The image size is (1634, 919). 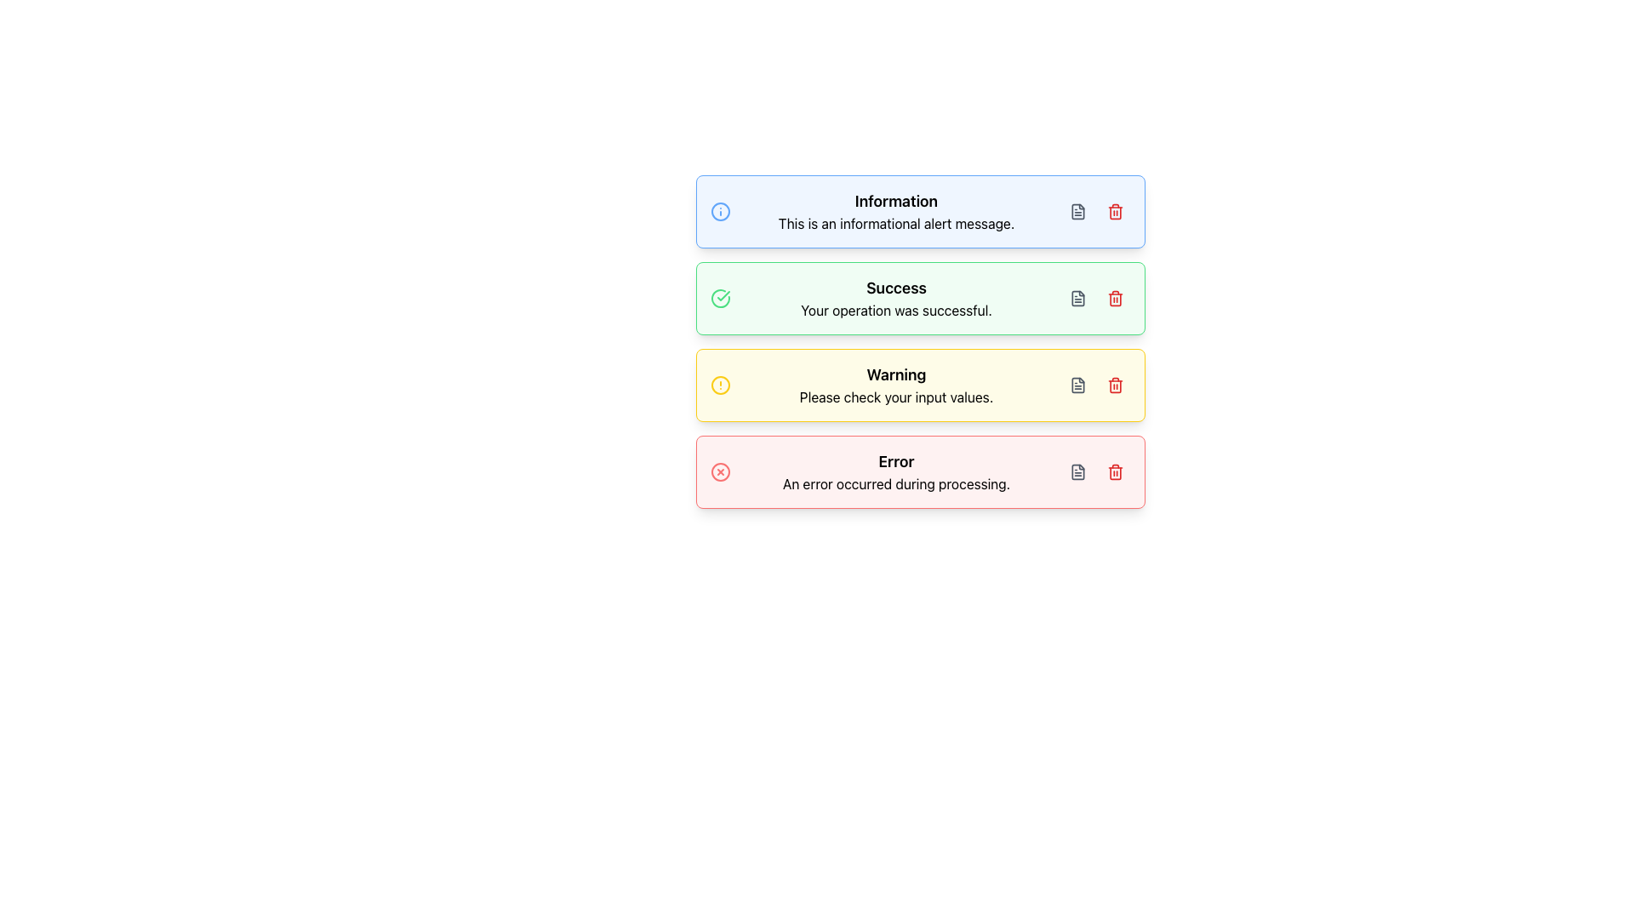 I want to click on the small document icon located on the right side of the blue notification bar, adjacent to the 'Information' label, to interact with it, so click(x=1077, y=211).